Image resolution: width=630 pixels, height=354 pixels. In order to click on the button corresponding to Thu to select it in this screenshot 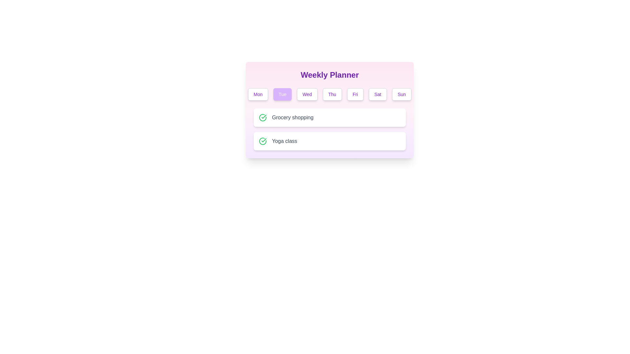, I will do `click(332, 94)`.